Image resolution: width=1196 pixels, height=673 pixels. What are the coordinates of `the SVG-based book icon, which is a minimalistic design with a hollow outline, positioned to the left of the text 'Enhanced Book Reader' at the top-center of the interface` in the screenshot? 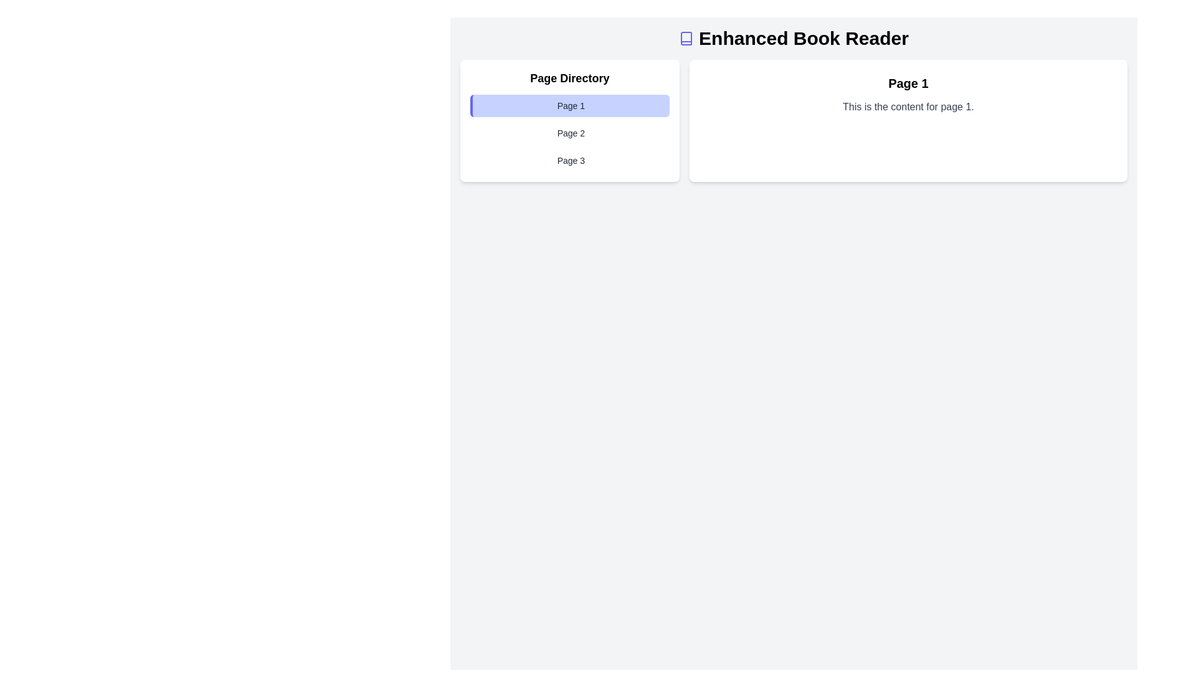 It's located at (686, 37).